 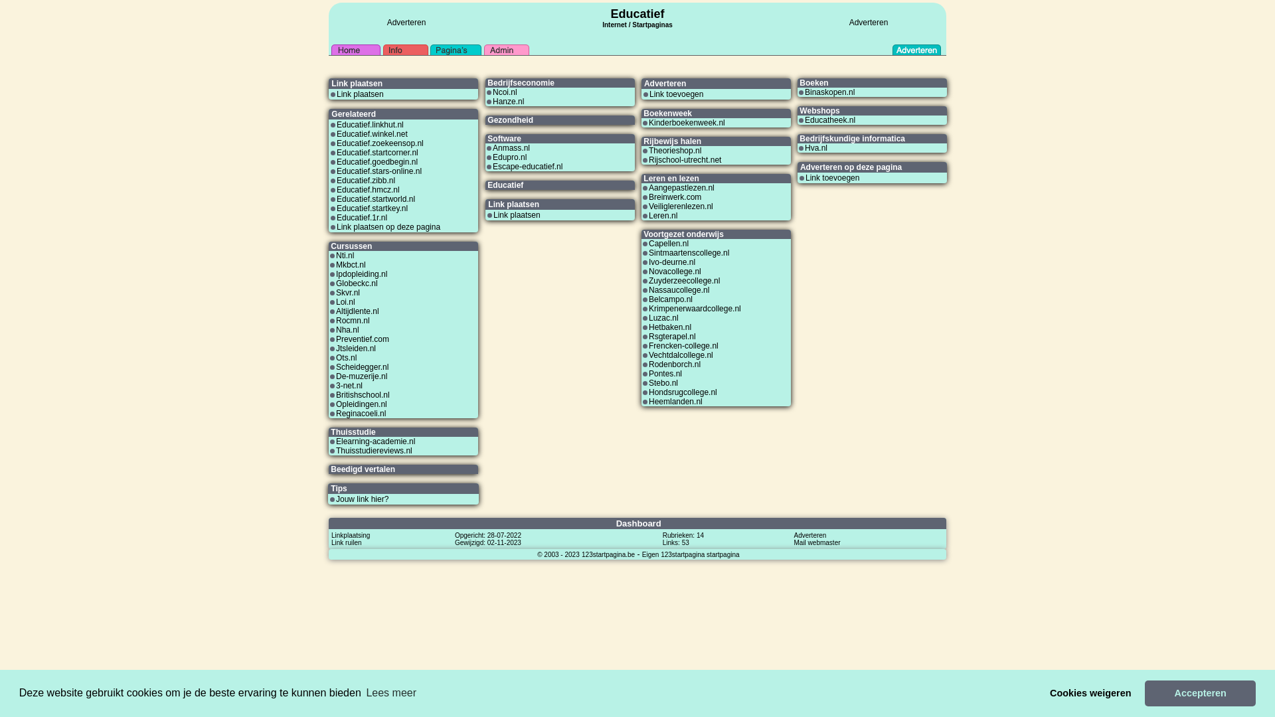 What do you see at coordinates (366, 181) in the screenshot?
I see `'Educatief.zibb.nl'` at bounding box center [366, 181].